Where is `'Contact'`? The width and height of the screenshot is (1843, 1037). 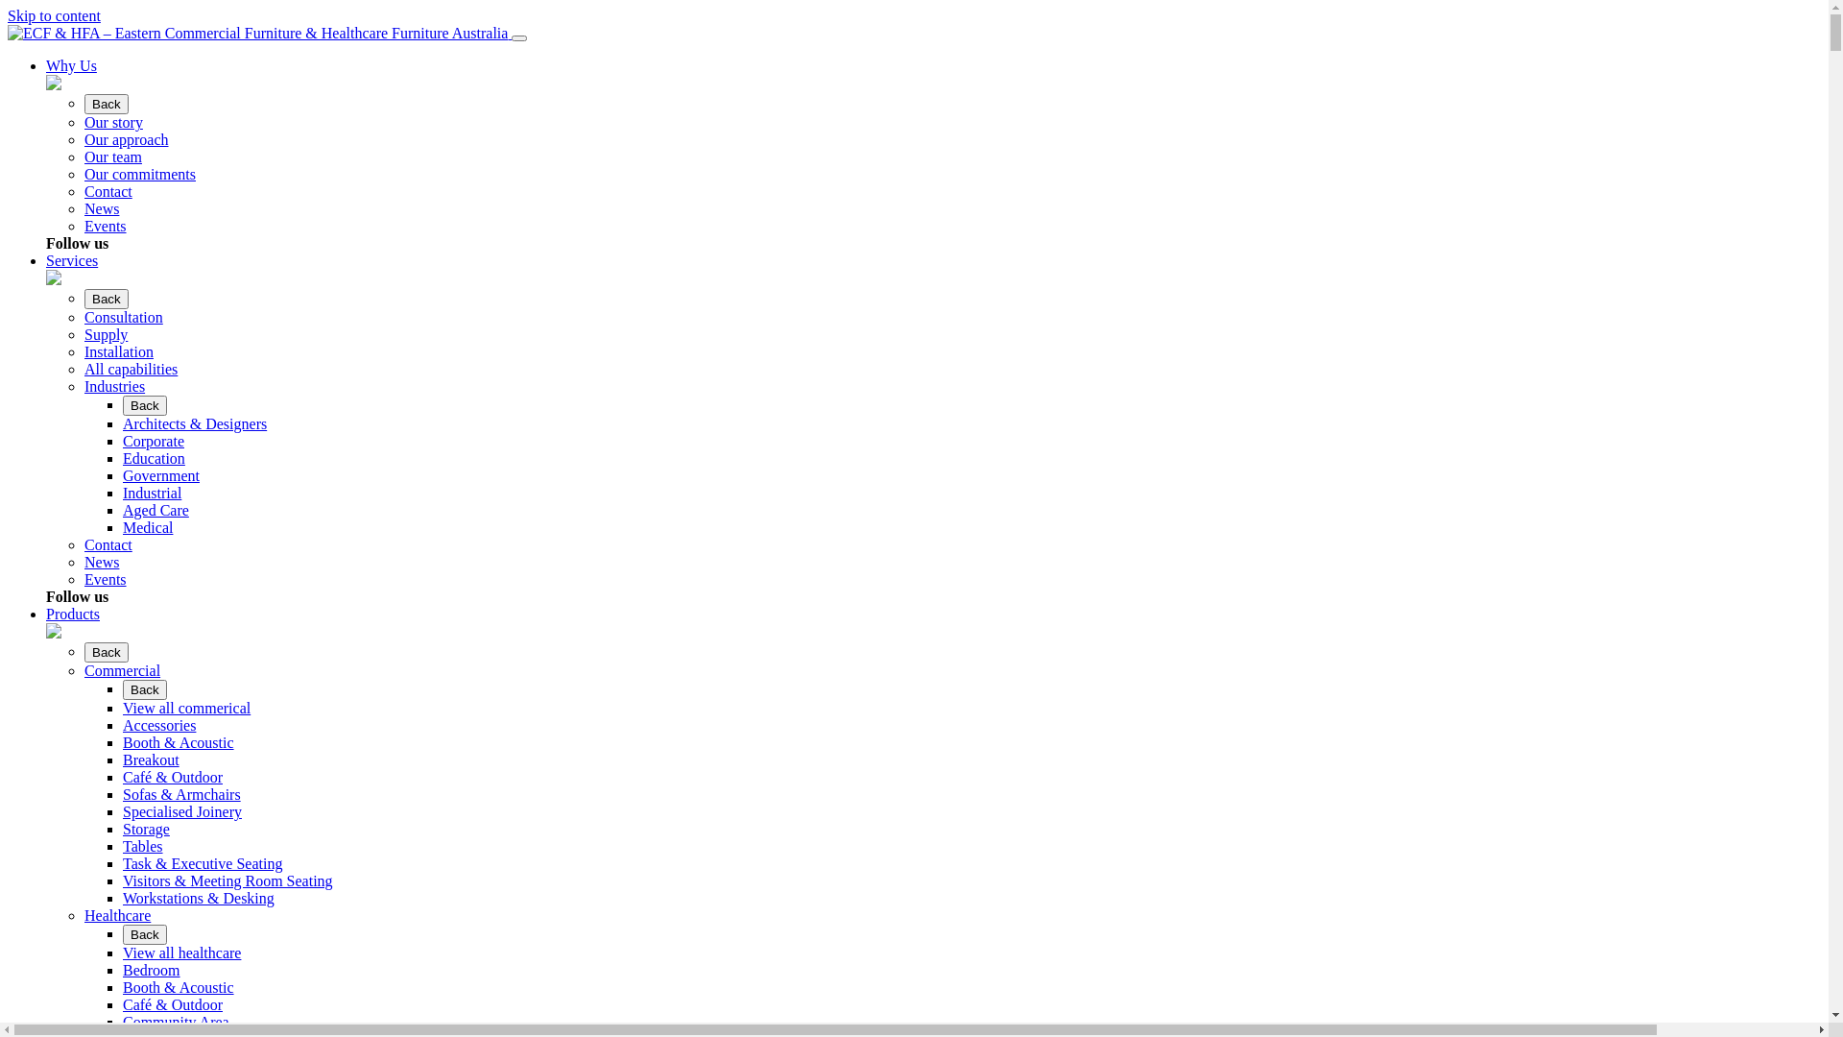
'Contact' is located at coordinates (108, 191).